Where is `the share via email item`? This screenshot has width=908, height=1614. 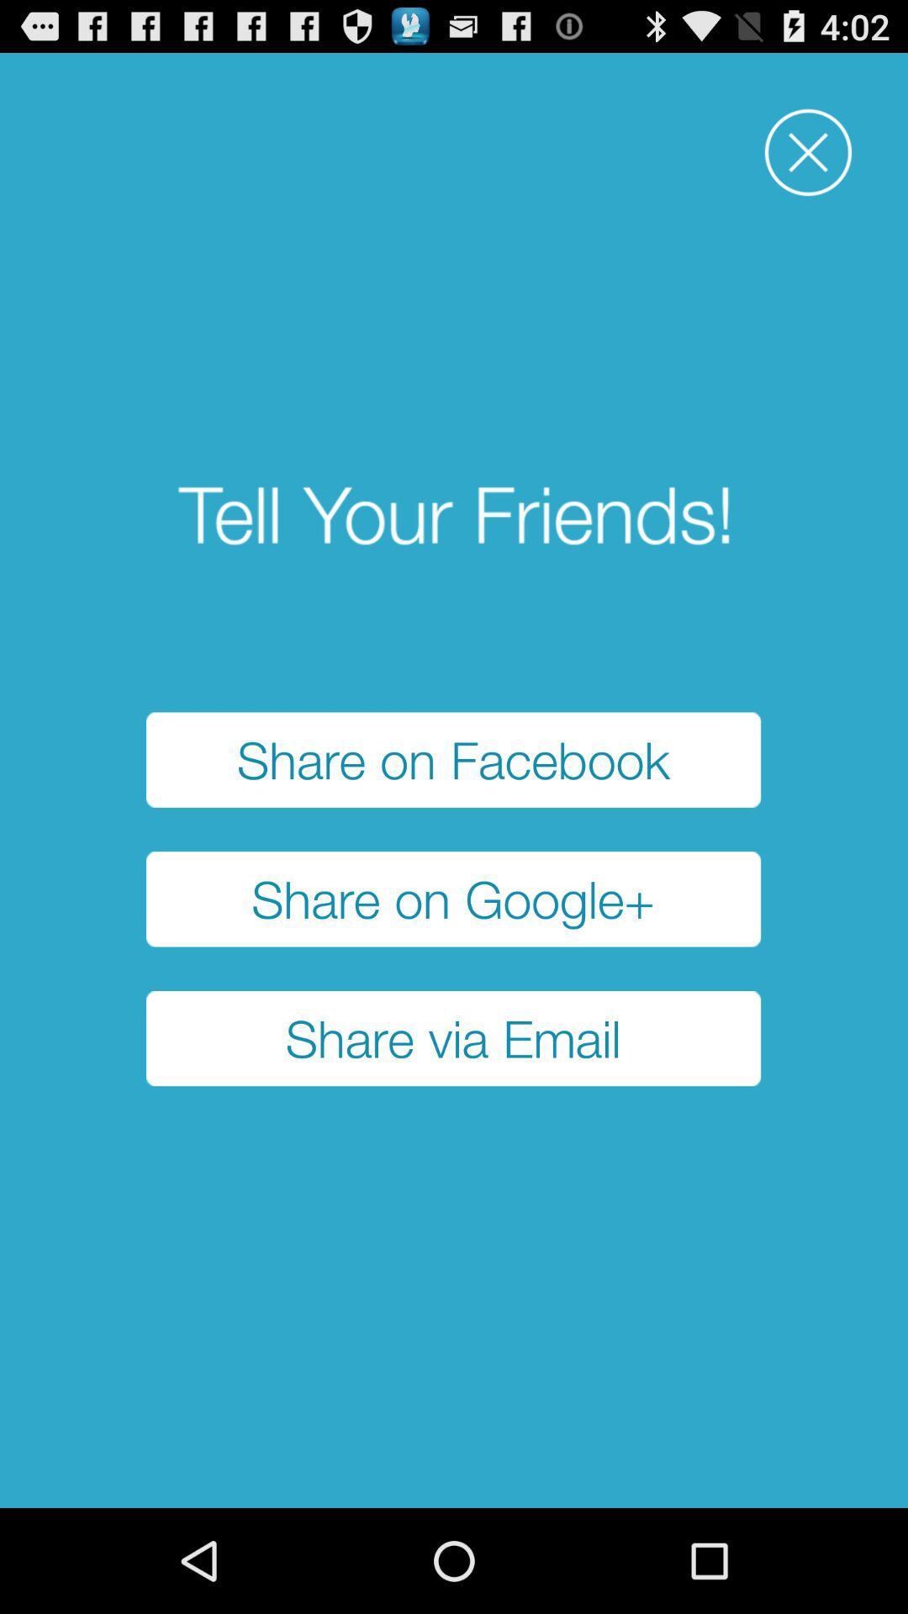
the share via email item is located at coordinates (452, 1037).